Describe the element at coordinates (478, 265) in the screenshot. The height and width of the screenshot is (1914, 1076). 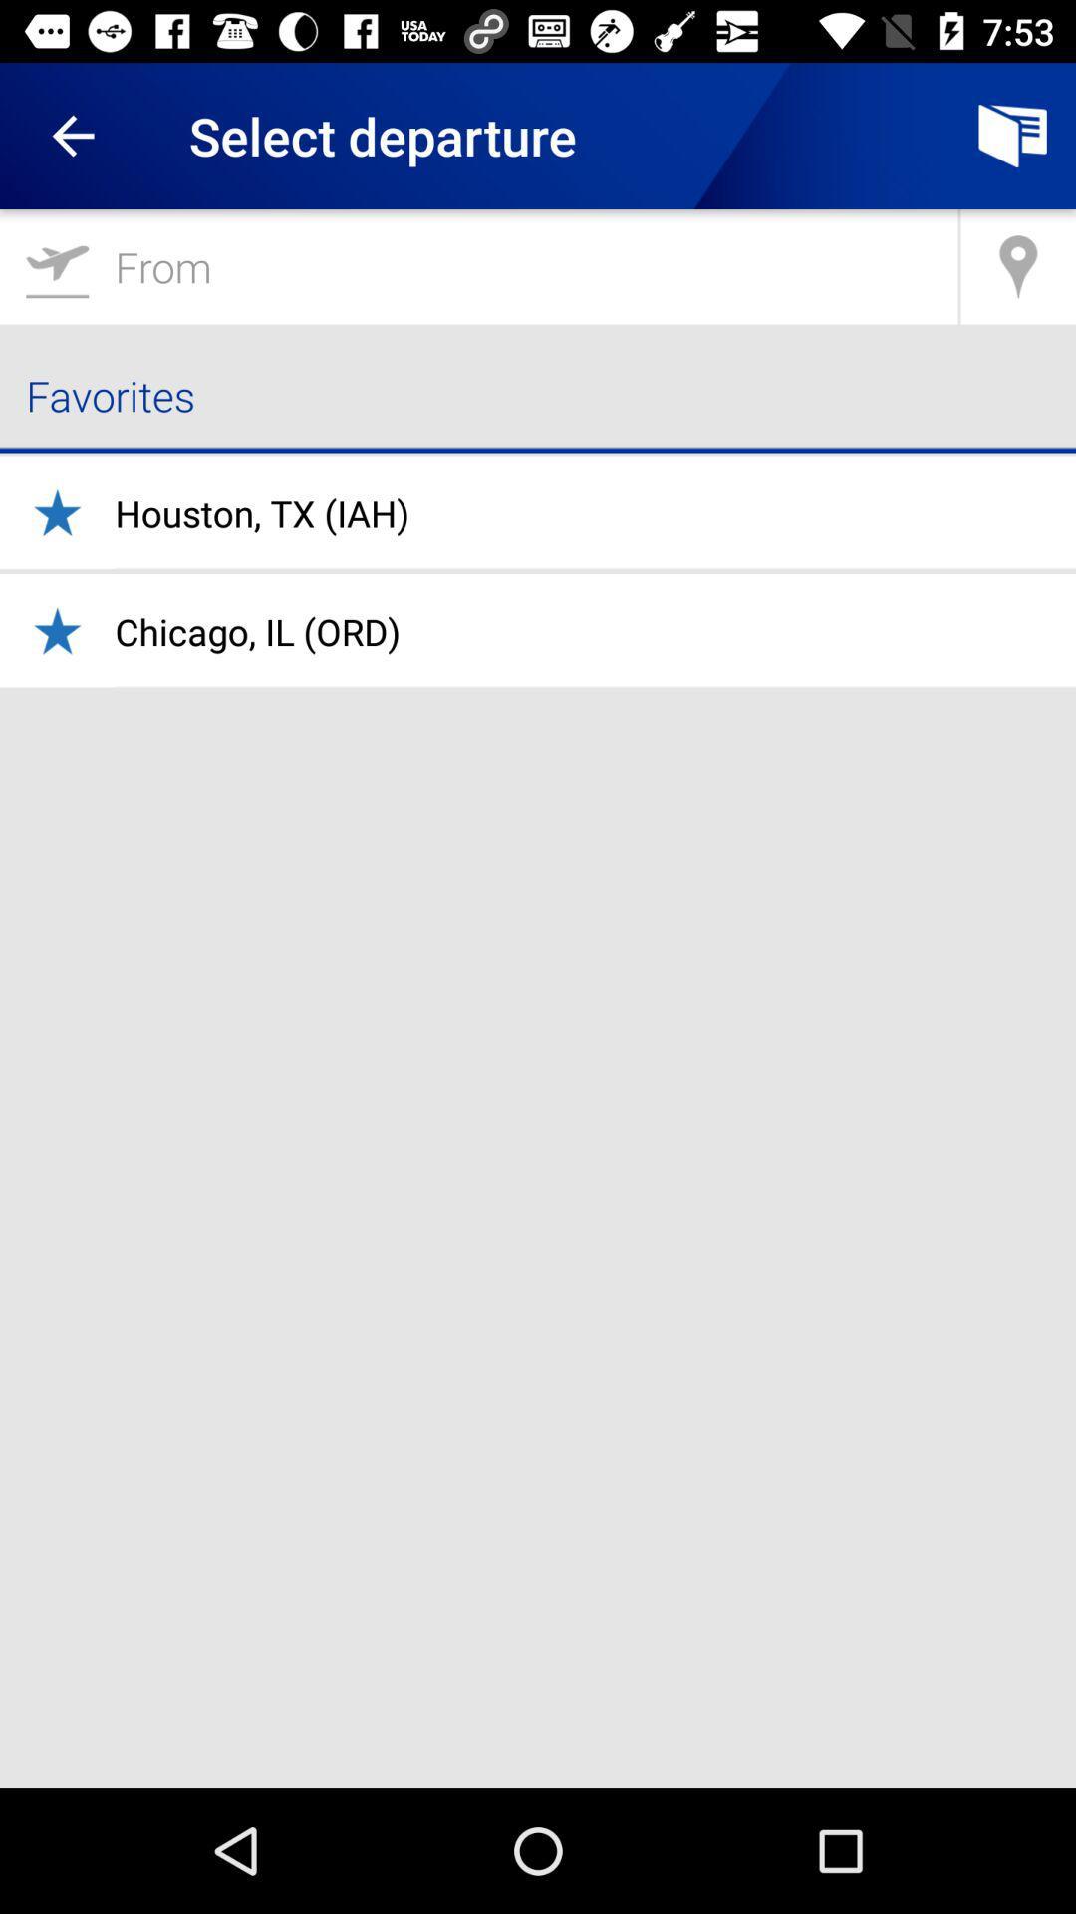
I see `the item above favorites icon` at that location.